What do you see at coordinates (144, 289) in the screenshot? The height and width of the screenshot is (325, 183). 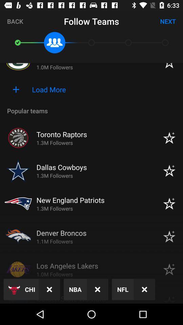 I see `the close icon` at bounding box center [144, 289].